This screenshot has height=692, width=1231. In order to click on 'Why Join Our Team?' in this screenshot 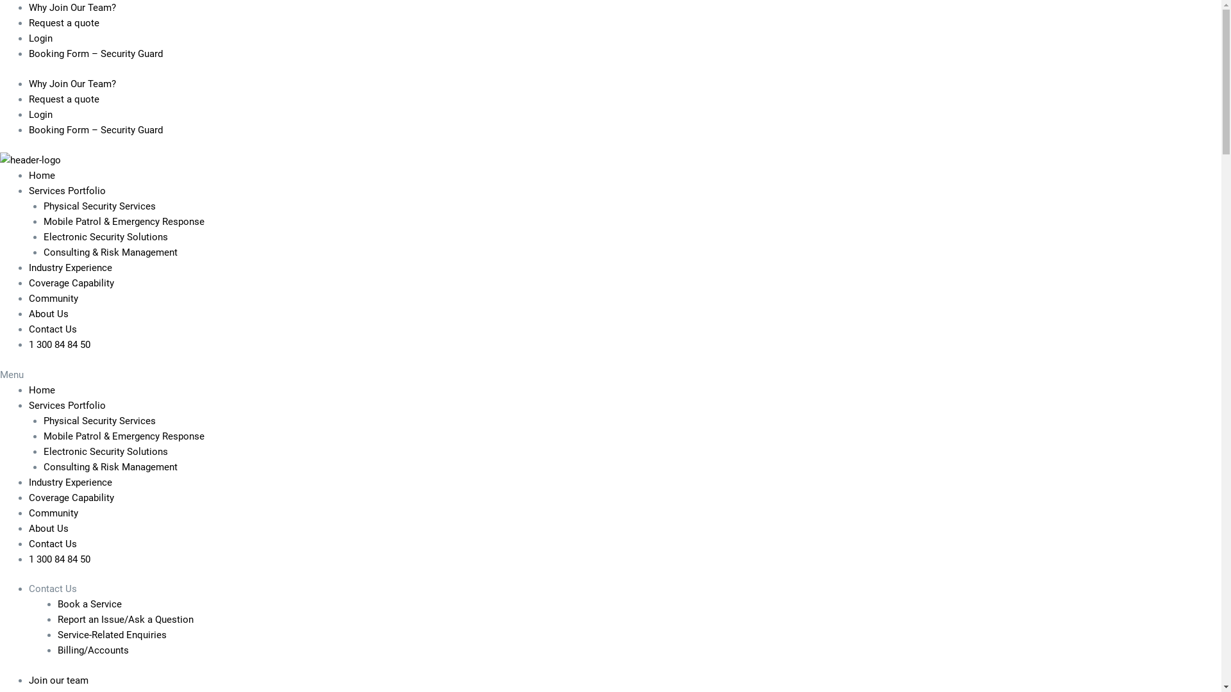, I will do `click(72, 7)`.